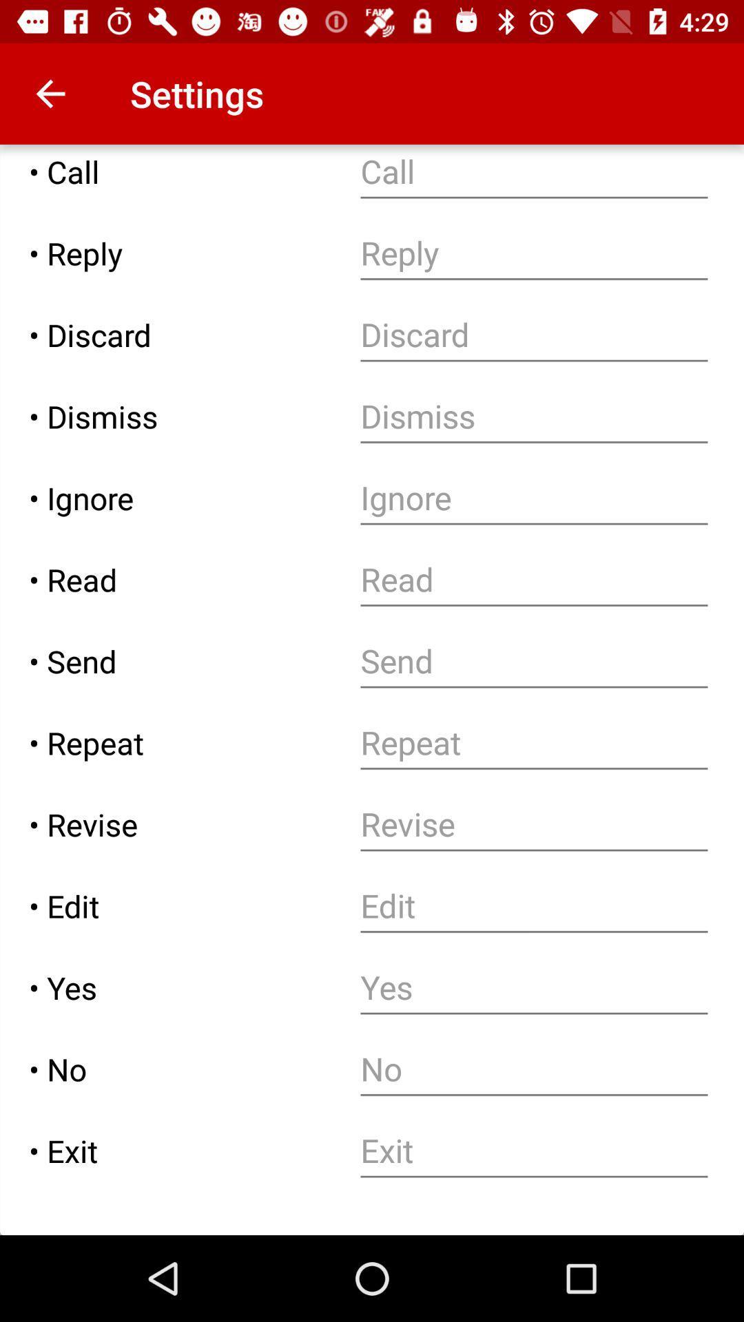 The width and height of the screenshot is (744, 1322). Describe the element at coordinates (533, 497) in the screenshot. I see `ignore certain callers` at that location.